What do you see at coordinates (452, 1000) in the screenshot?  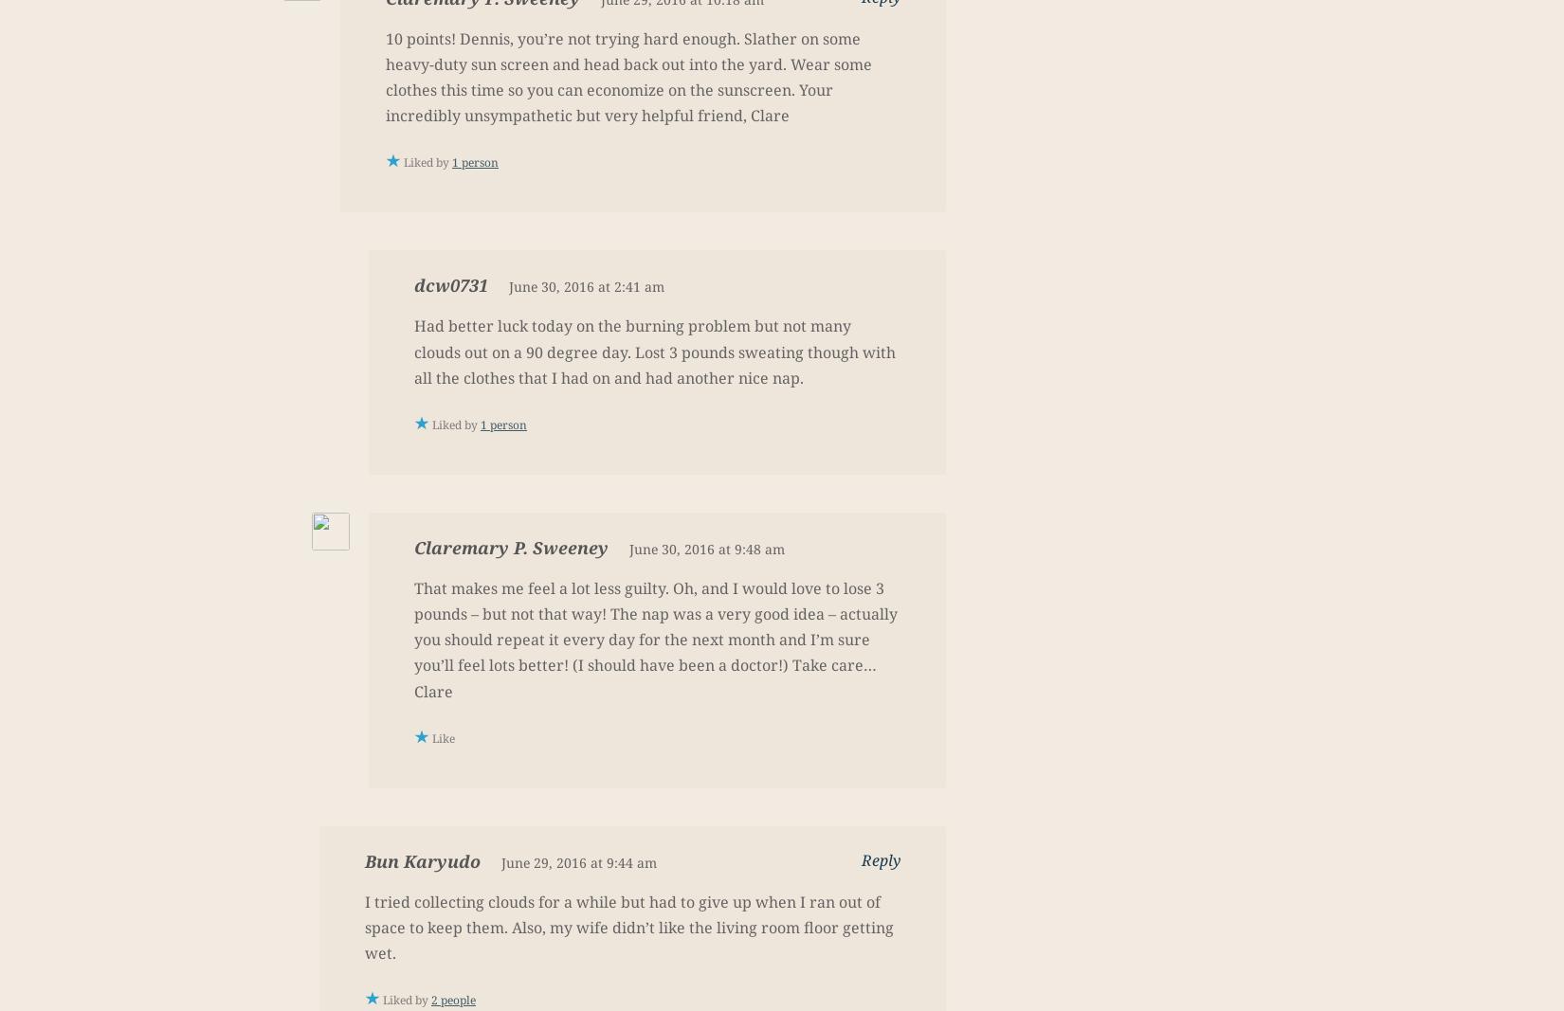 I see `'2 people'` at bounding box center [452, 1000].